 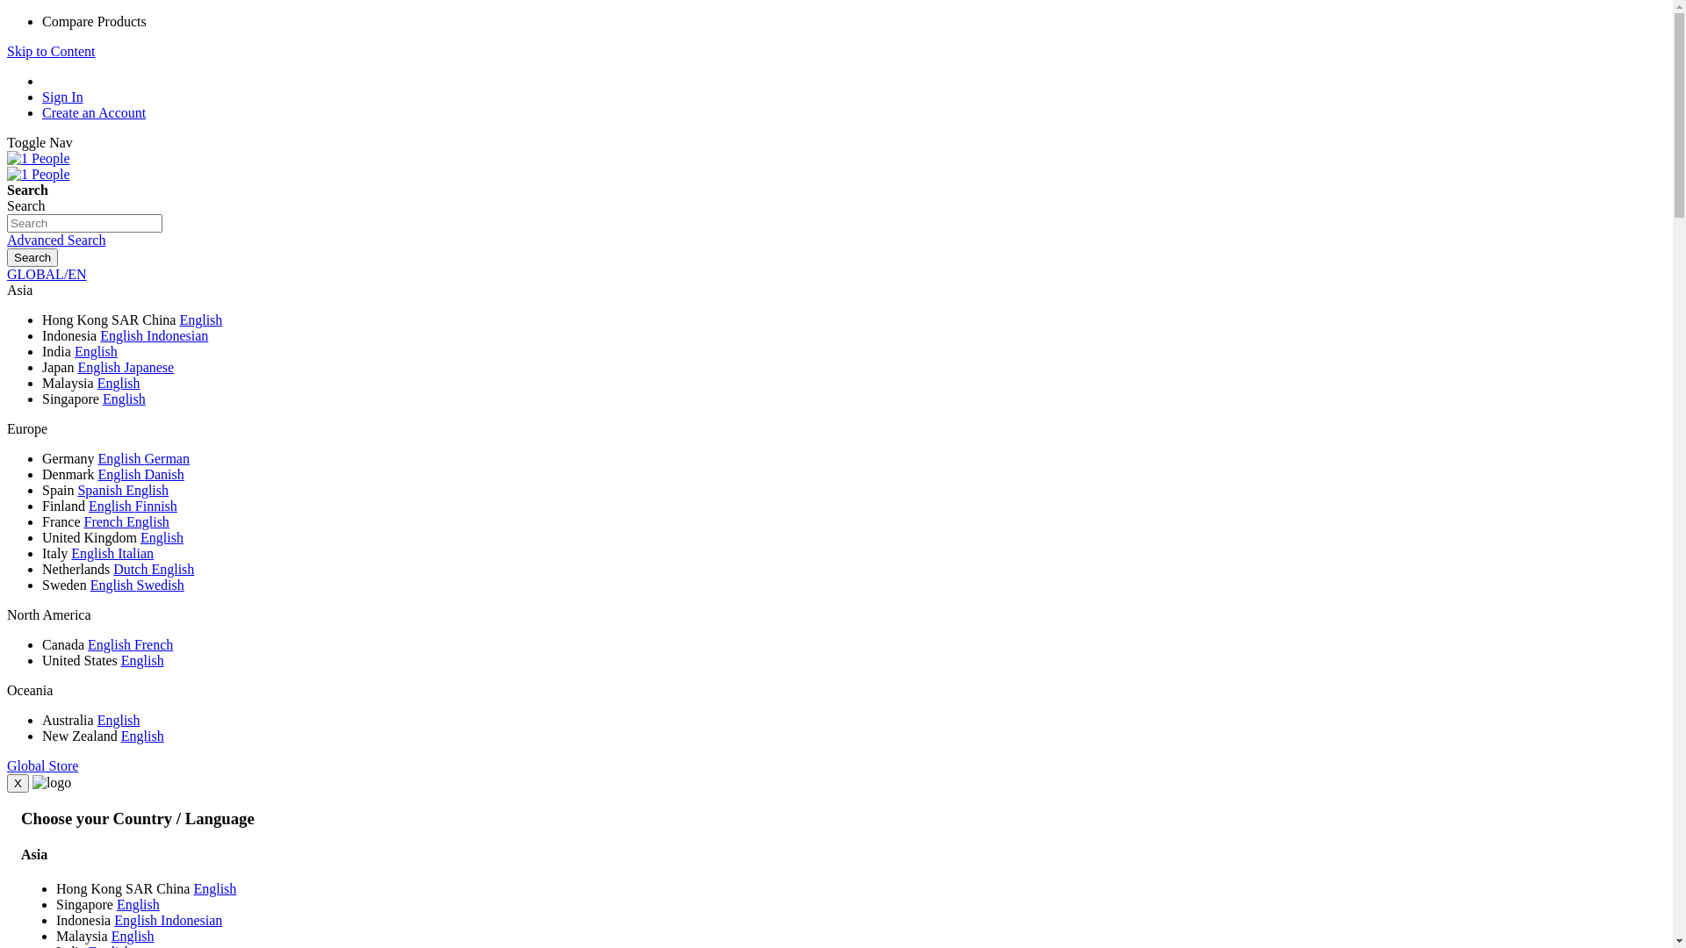 I want to click on '1 People', so click(x=38, y=158).